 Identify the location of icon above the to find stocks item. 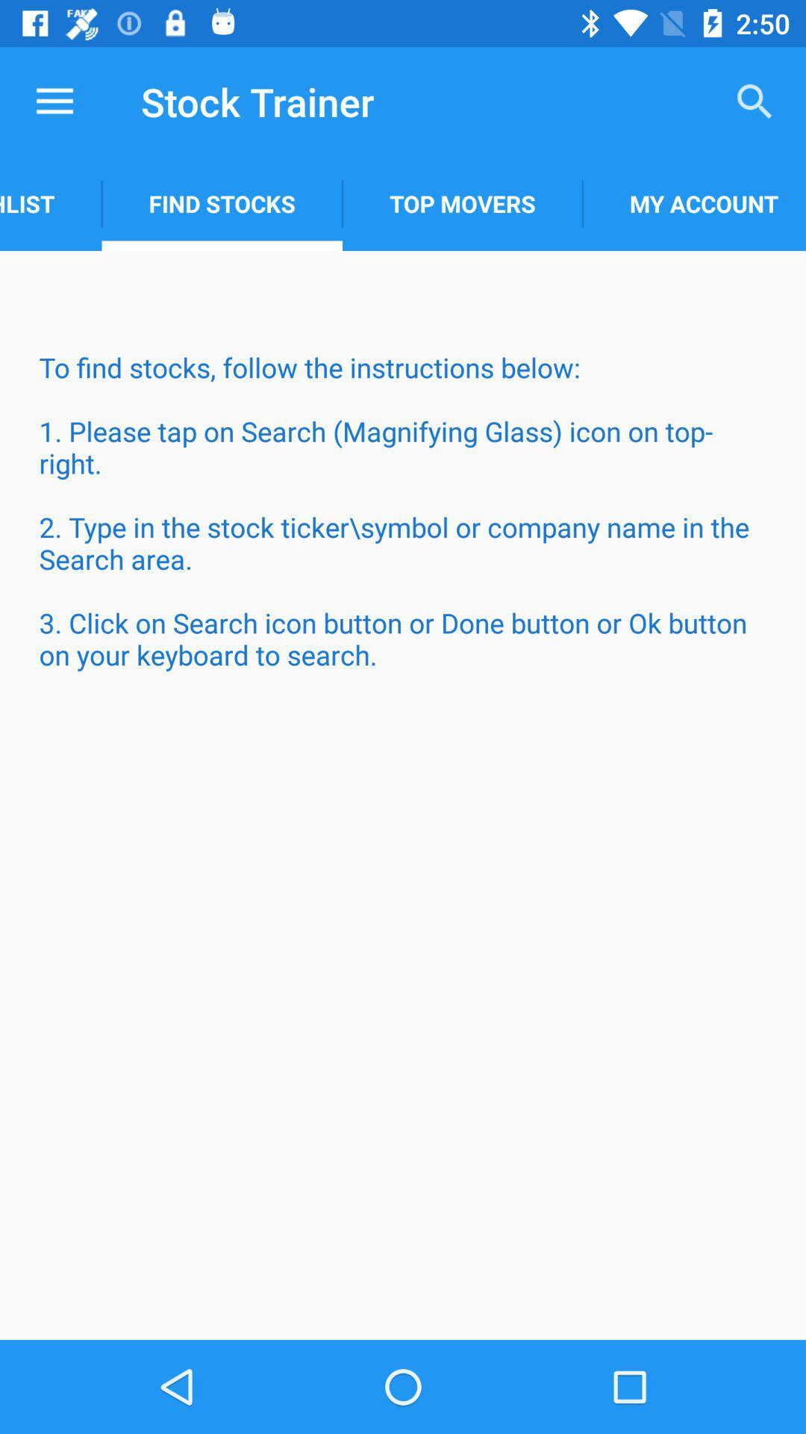
(50, 203).